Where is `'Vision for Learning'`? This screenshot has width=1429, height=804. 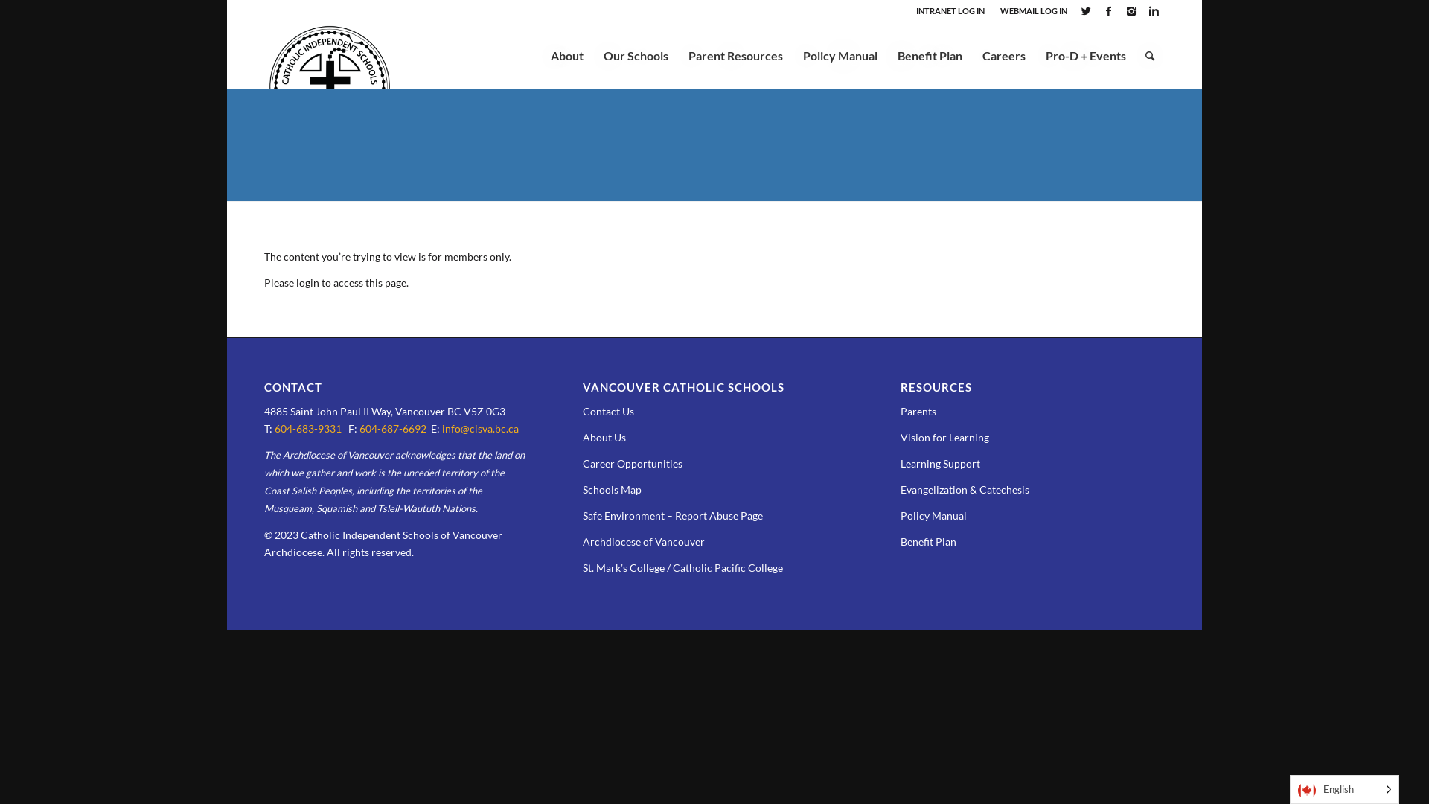
'Vision for Learning' is located at coordinates (899, 436).